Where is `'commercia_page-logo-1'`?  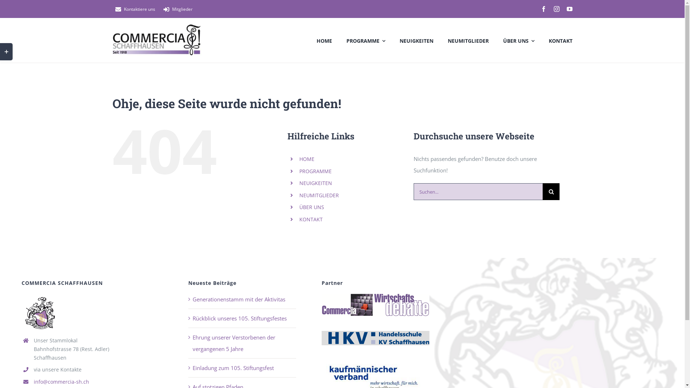
'commercia_page-logo-1' is located at coordinates (40, 313).